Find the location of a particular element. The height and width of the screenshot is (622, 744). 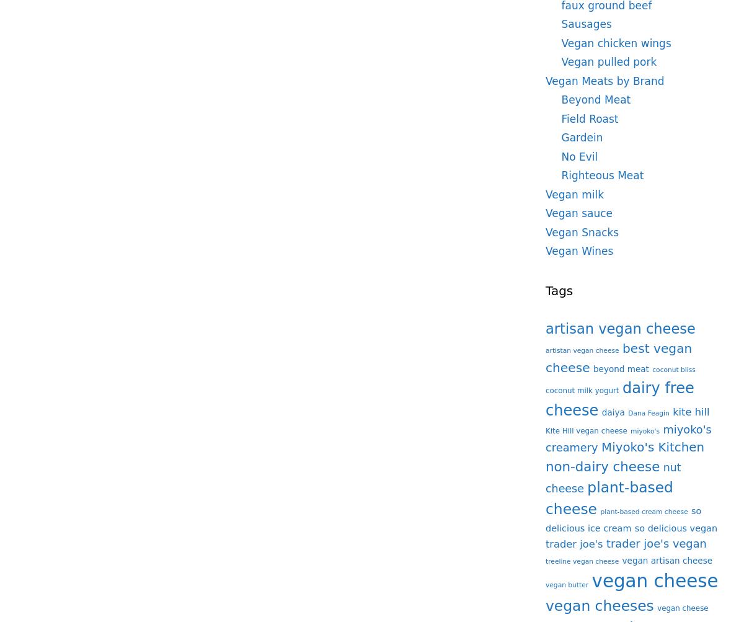

'dairy free cheese' is located at coordinates (544, 399).